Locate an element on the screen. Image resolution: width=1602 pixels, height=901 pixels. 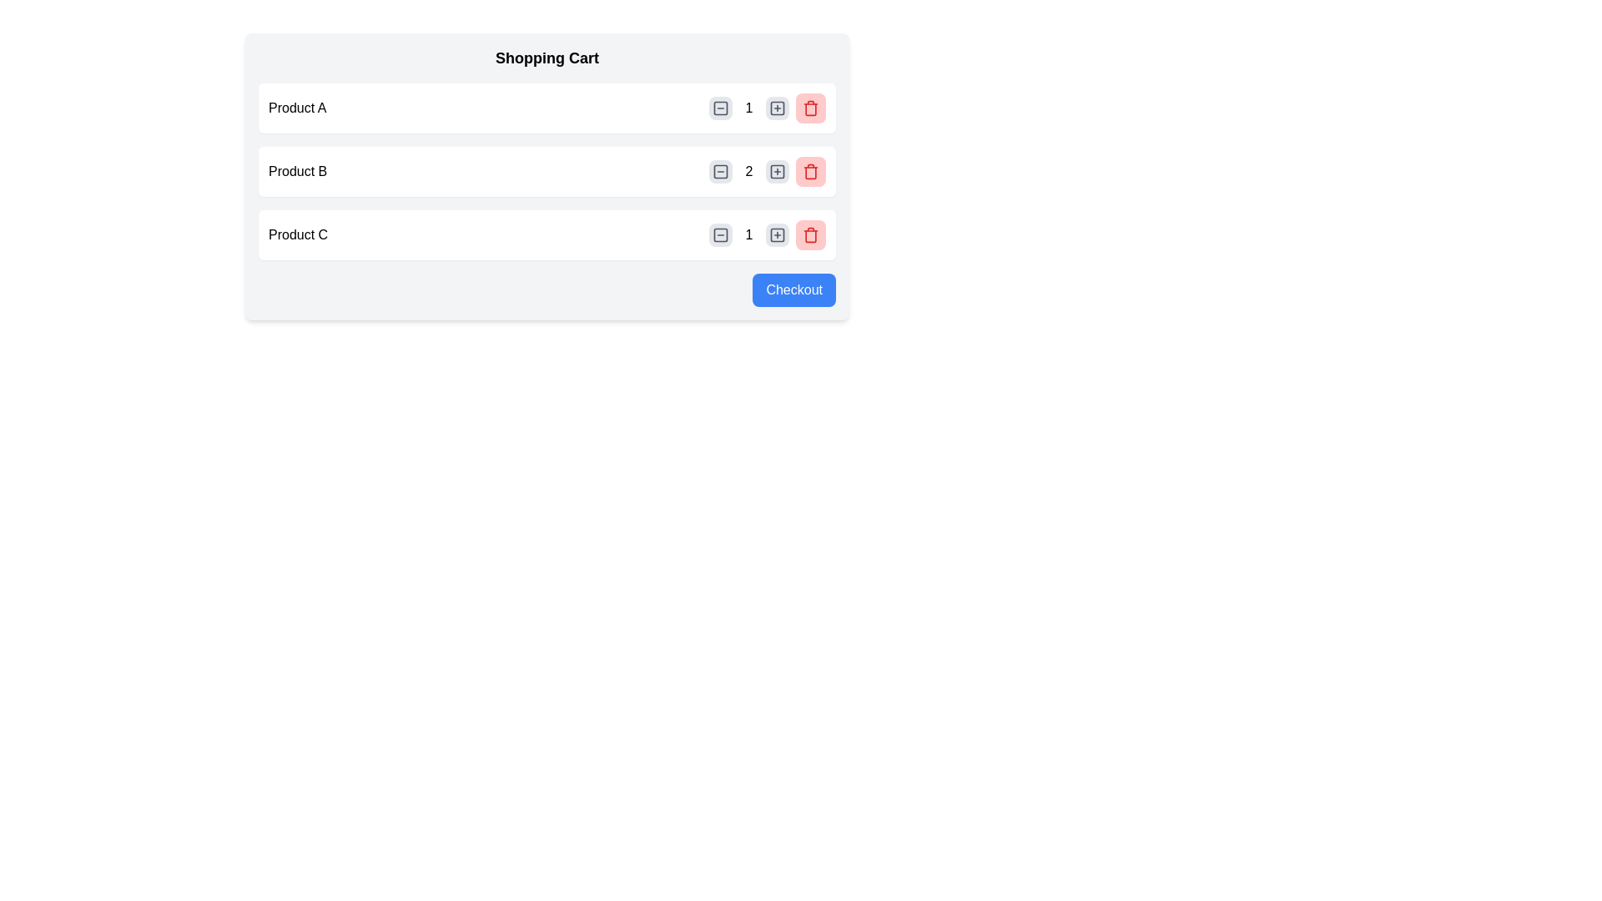
the 'decrease quantity' button located to the left of the quantity number for 'Product A' in the shopping cart interface to reduce the product quantity is located at coordinates (721, 108).